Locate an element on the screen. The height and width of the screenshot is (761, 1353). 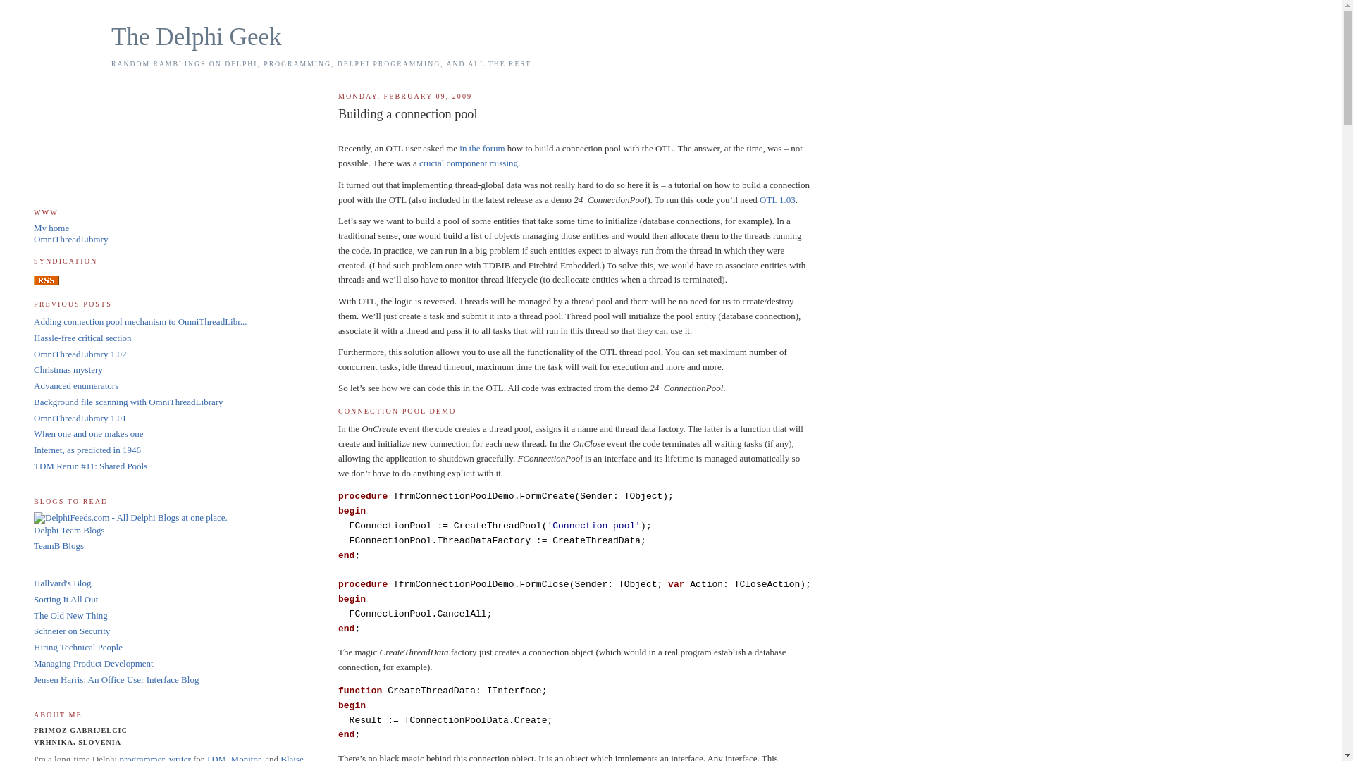
'crucial component missing' is located at coordinates (419, 162).